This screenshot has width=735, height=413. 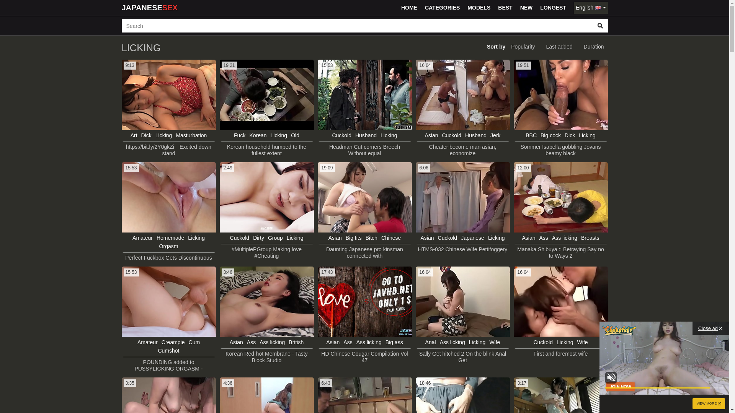 I want to click on 'NEW', so click(x=526, y=8).